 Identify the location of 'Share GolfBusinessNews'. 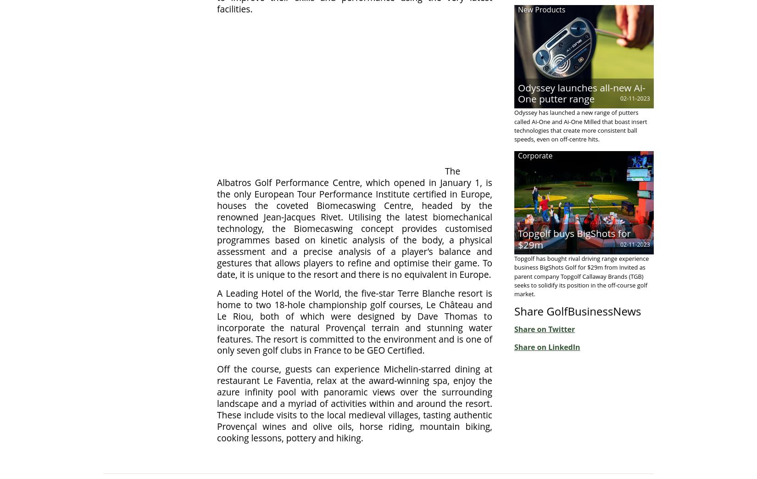
(514, 311).